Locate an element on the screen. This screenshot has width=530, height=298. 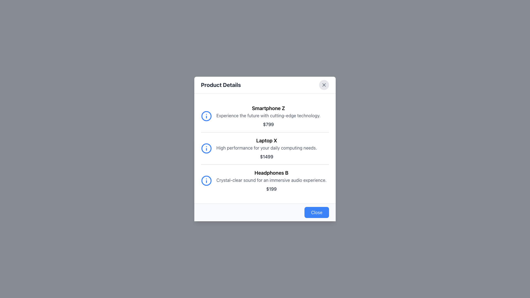
the product description item for 'Laptop X', which is the second item in the vertical list of product details is located at coordinates (265, 148).